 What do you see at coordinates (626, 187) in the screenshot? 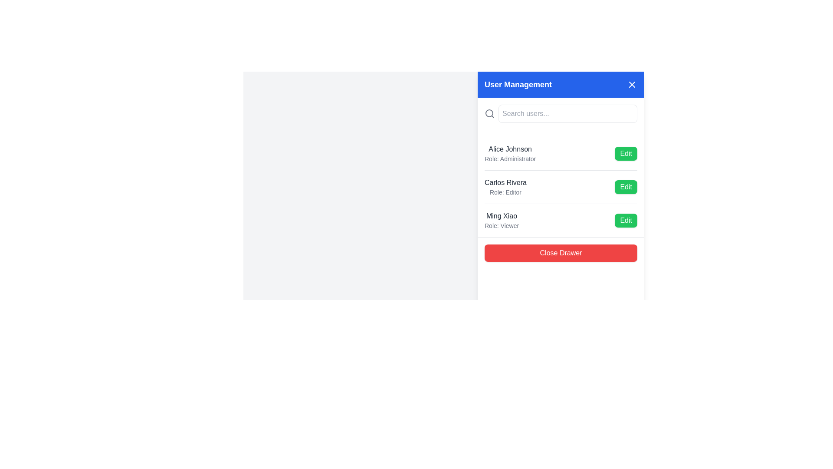
I see `the third 'Edit' button for user 'Carlos Rivera' to initiate editing` at bounding box center [626, 187].